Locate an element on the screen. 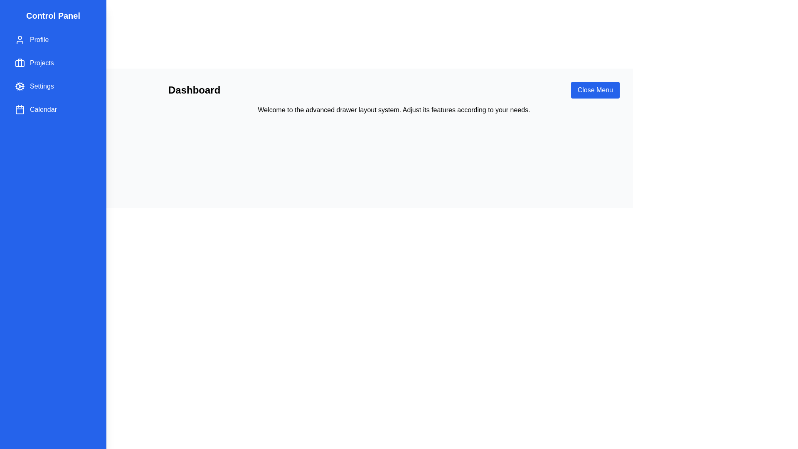 This screenshot has height=449, width=798. the 'Projects' button, which is the second item in the left navigation bar is located at coordinates (53, 62).